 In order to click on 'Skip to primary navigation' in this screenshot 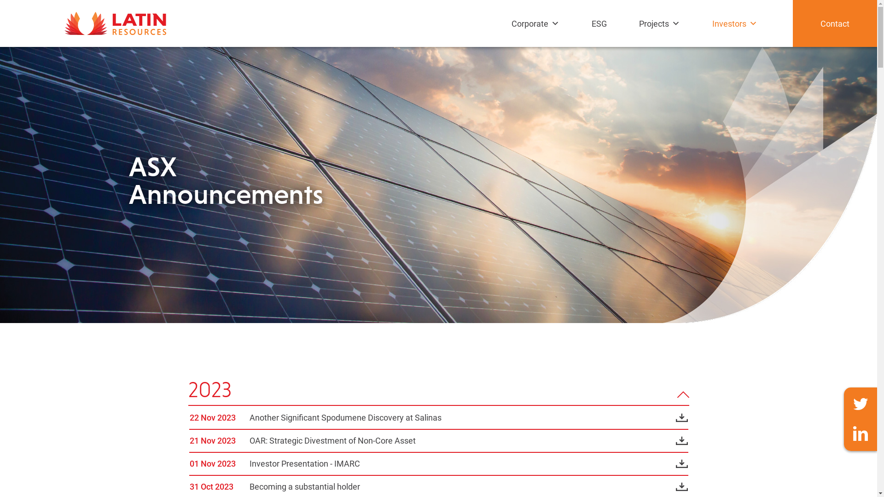, I will do `click(0, 0)`.